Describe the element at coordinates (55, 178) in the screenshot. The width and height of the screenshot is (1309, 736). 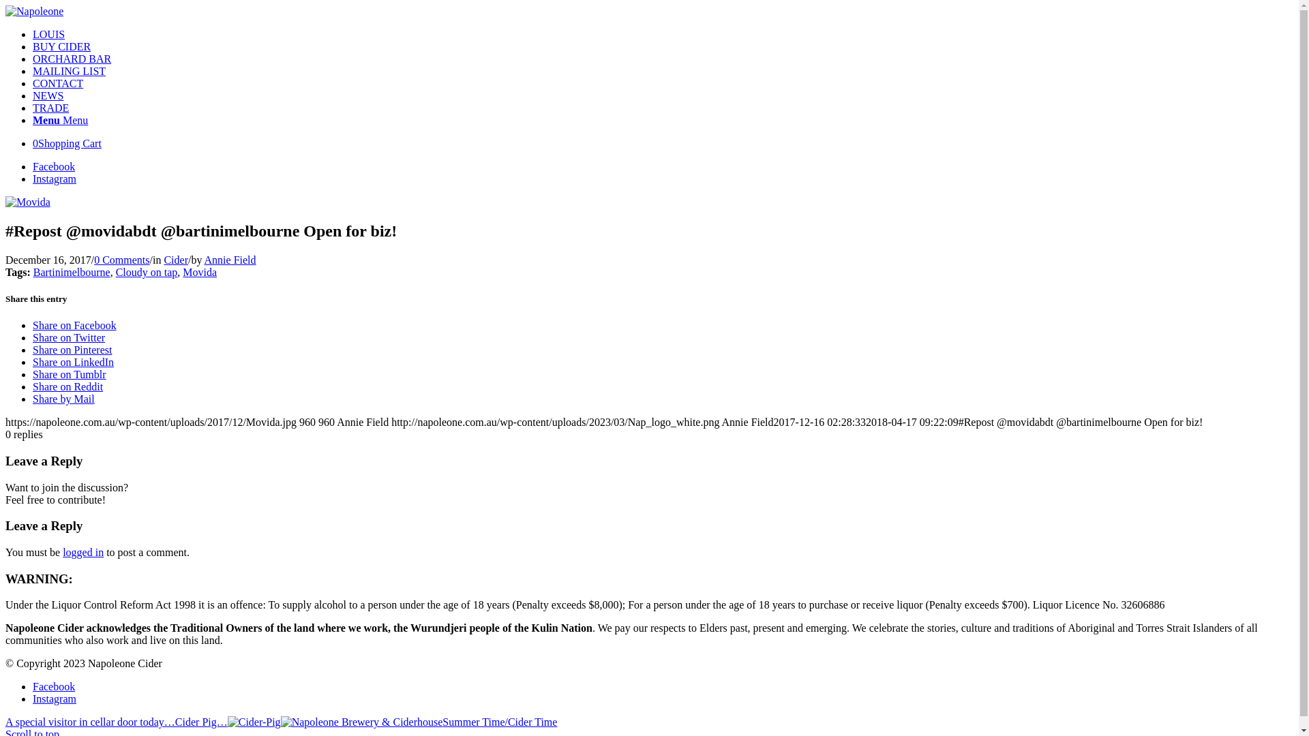
I see `'Instagram'` at that location.